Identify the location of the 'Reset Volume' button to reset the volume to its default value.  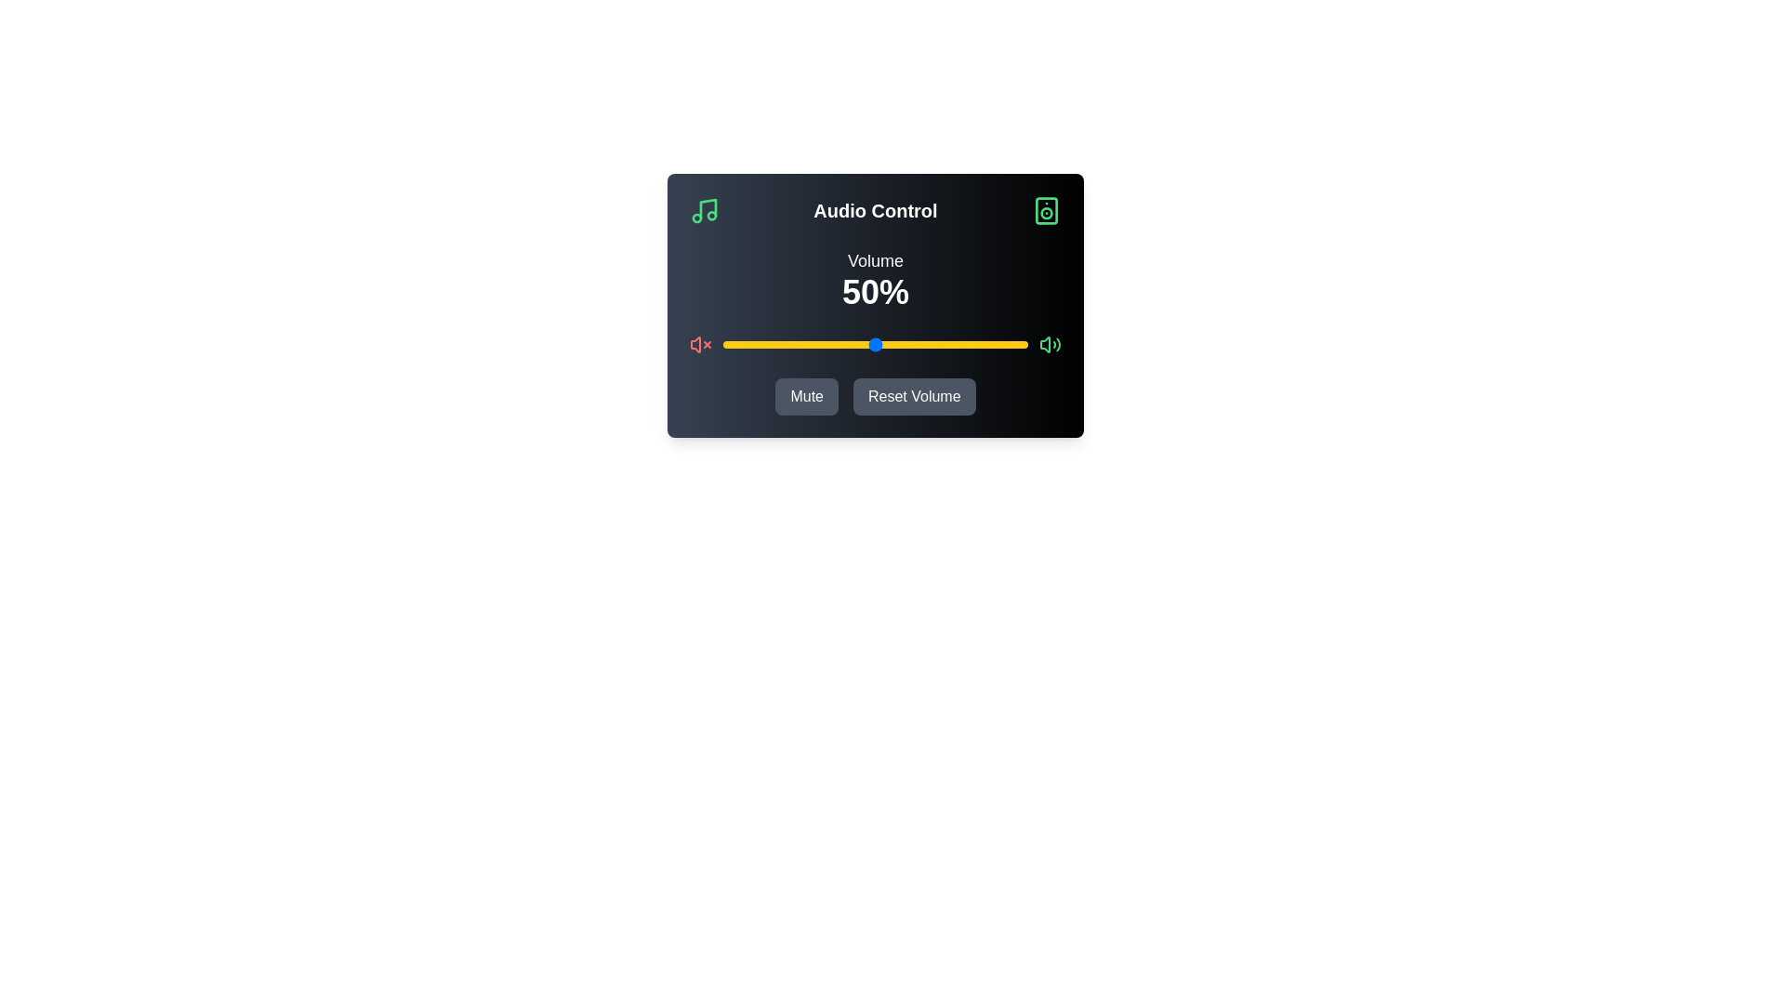
(914, 396).